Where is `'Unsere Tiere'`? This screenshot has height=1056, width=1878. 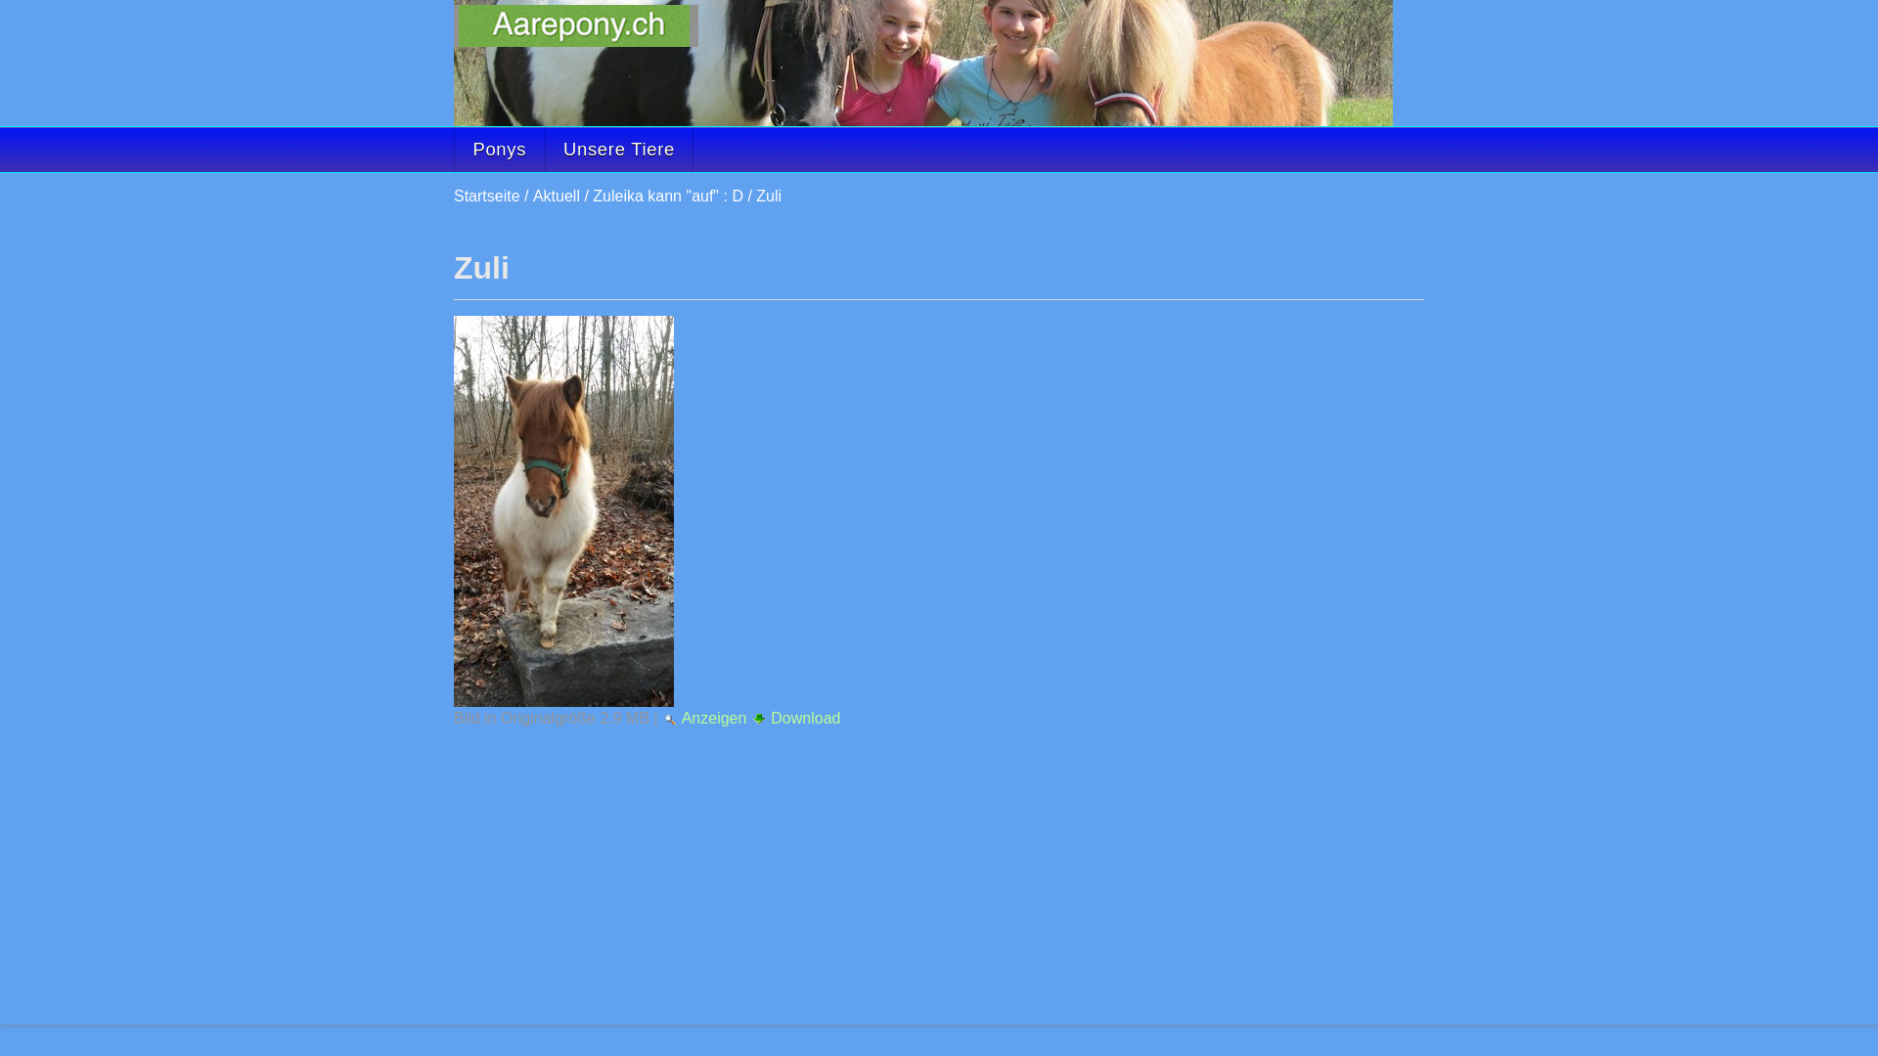
'Unsere Tiere' is located at coordinates (544, 149).